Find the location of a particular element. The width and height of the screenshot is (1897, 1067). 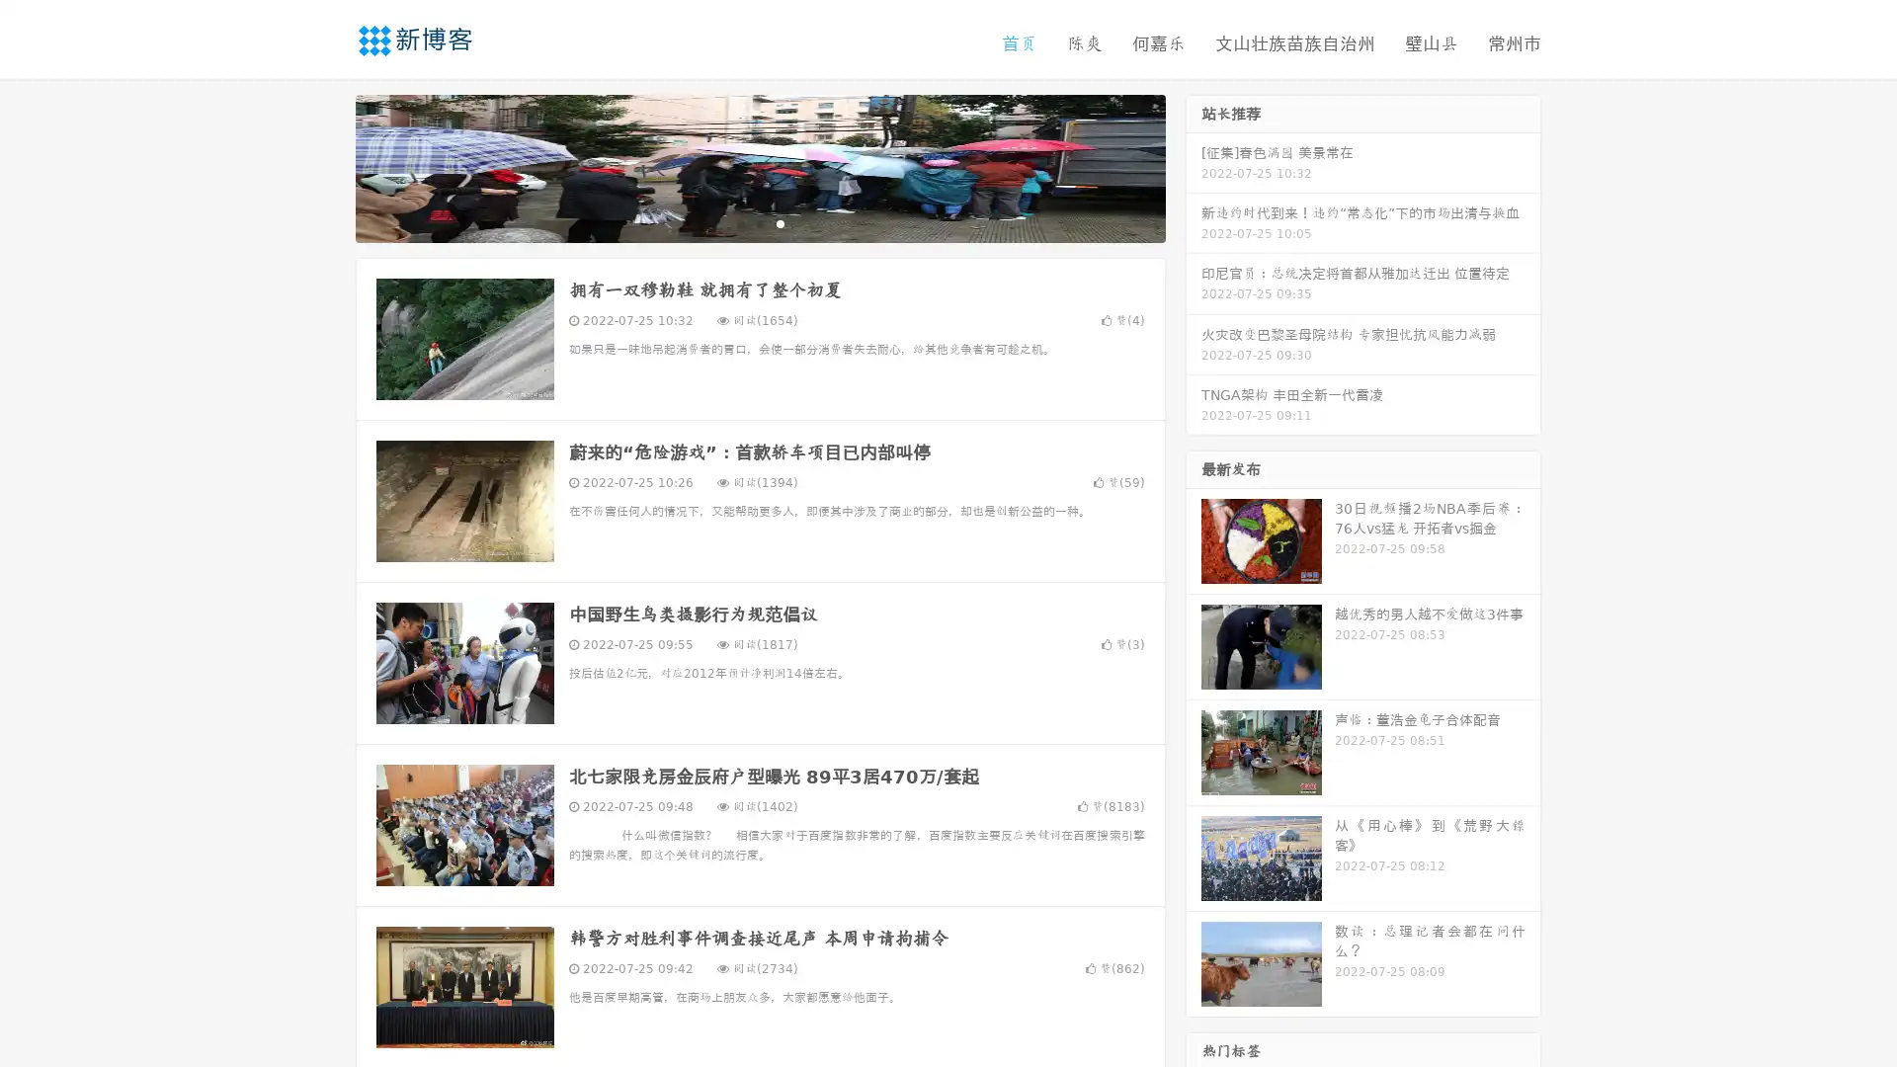

Go to slide 2 is located at coordinates (759, 222).